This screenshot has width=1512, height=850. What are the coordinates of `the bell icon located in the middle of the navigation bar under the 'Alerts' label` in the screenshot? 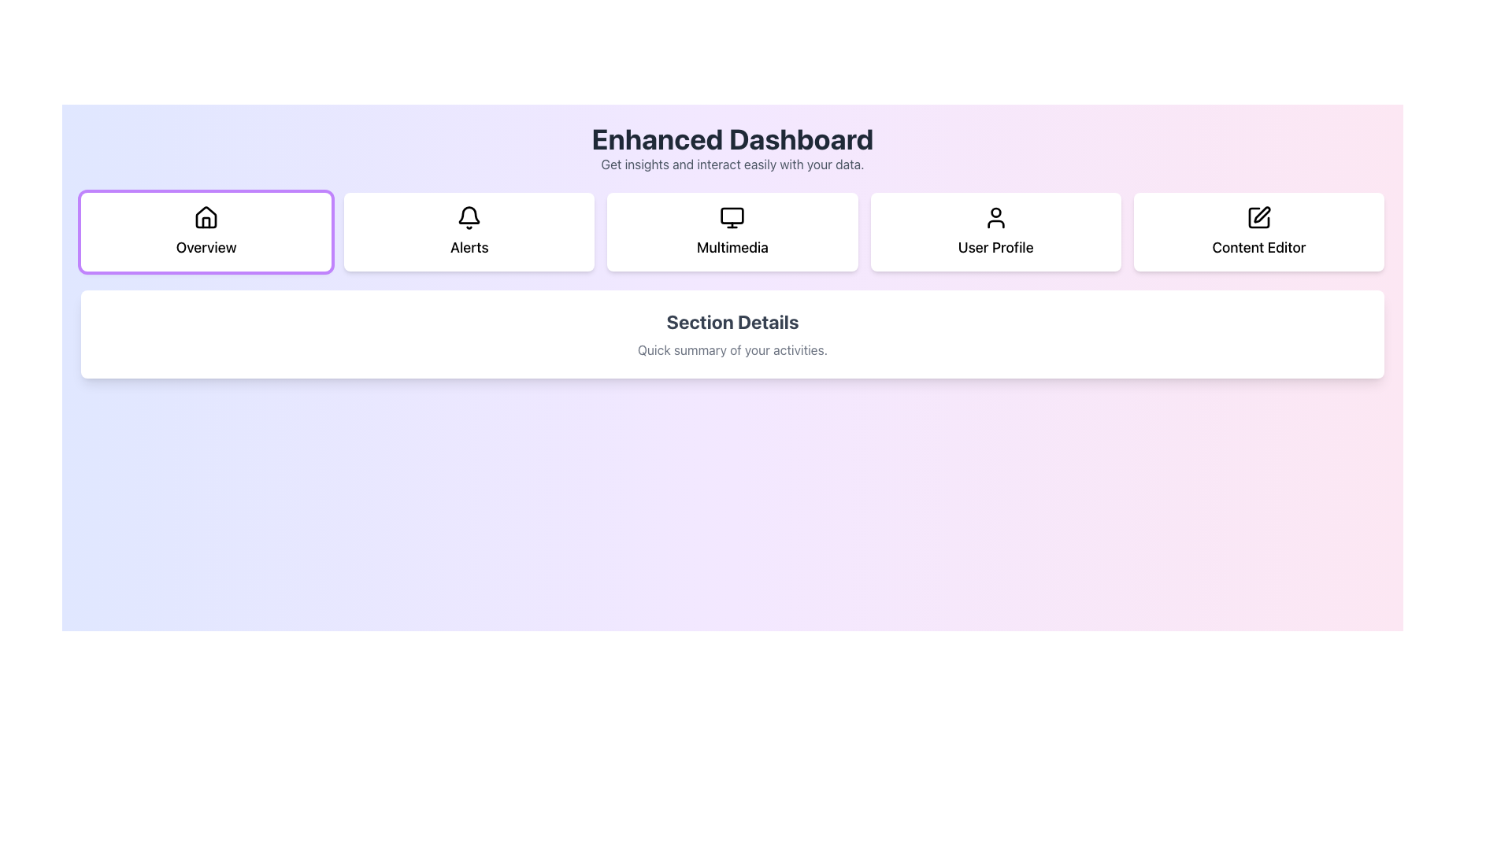 It's located at (469, 215).